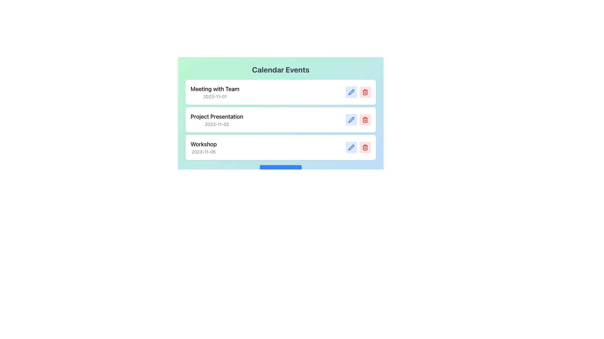 The height and width of the screenshot is (339, 604). I want to click on displayed text in the Text display area that shows 'Workshop' and '2023-11-05', which is located at the bottom of the vertical list of events, specifically below the 'Project Presentation' entry, so click(204, 148).